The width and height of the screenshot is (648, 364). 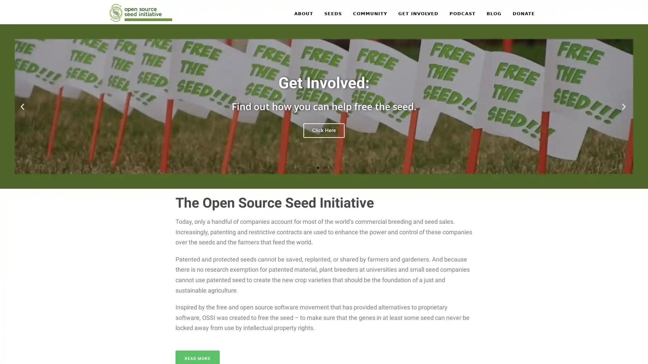 I want to click on Go to slide 2, so click(x=324, y=167).